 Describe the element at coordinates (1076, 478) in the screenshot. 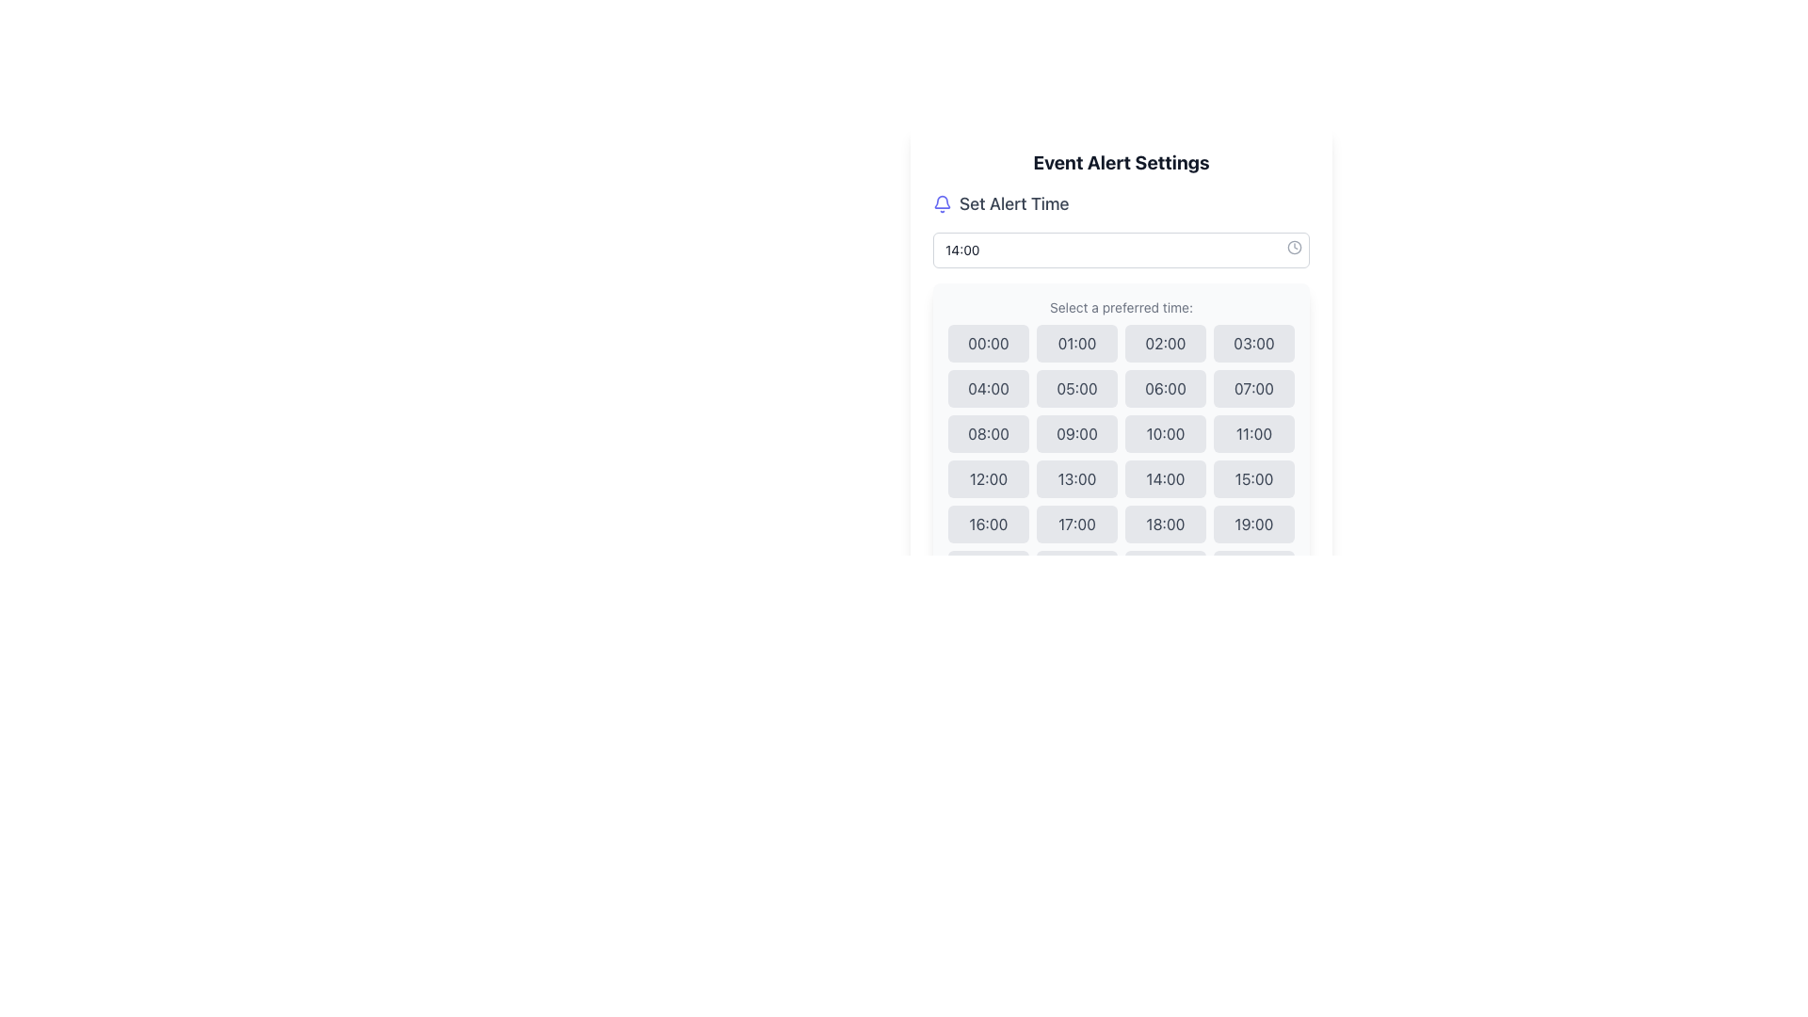

I see `the rectangular button labeled '13:00' with a light gray background and rounded corners located in the fourth row, second column of the grid` at that location.